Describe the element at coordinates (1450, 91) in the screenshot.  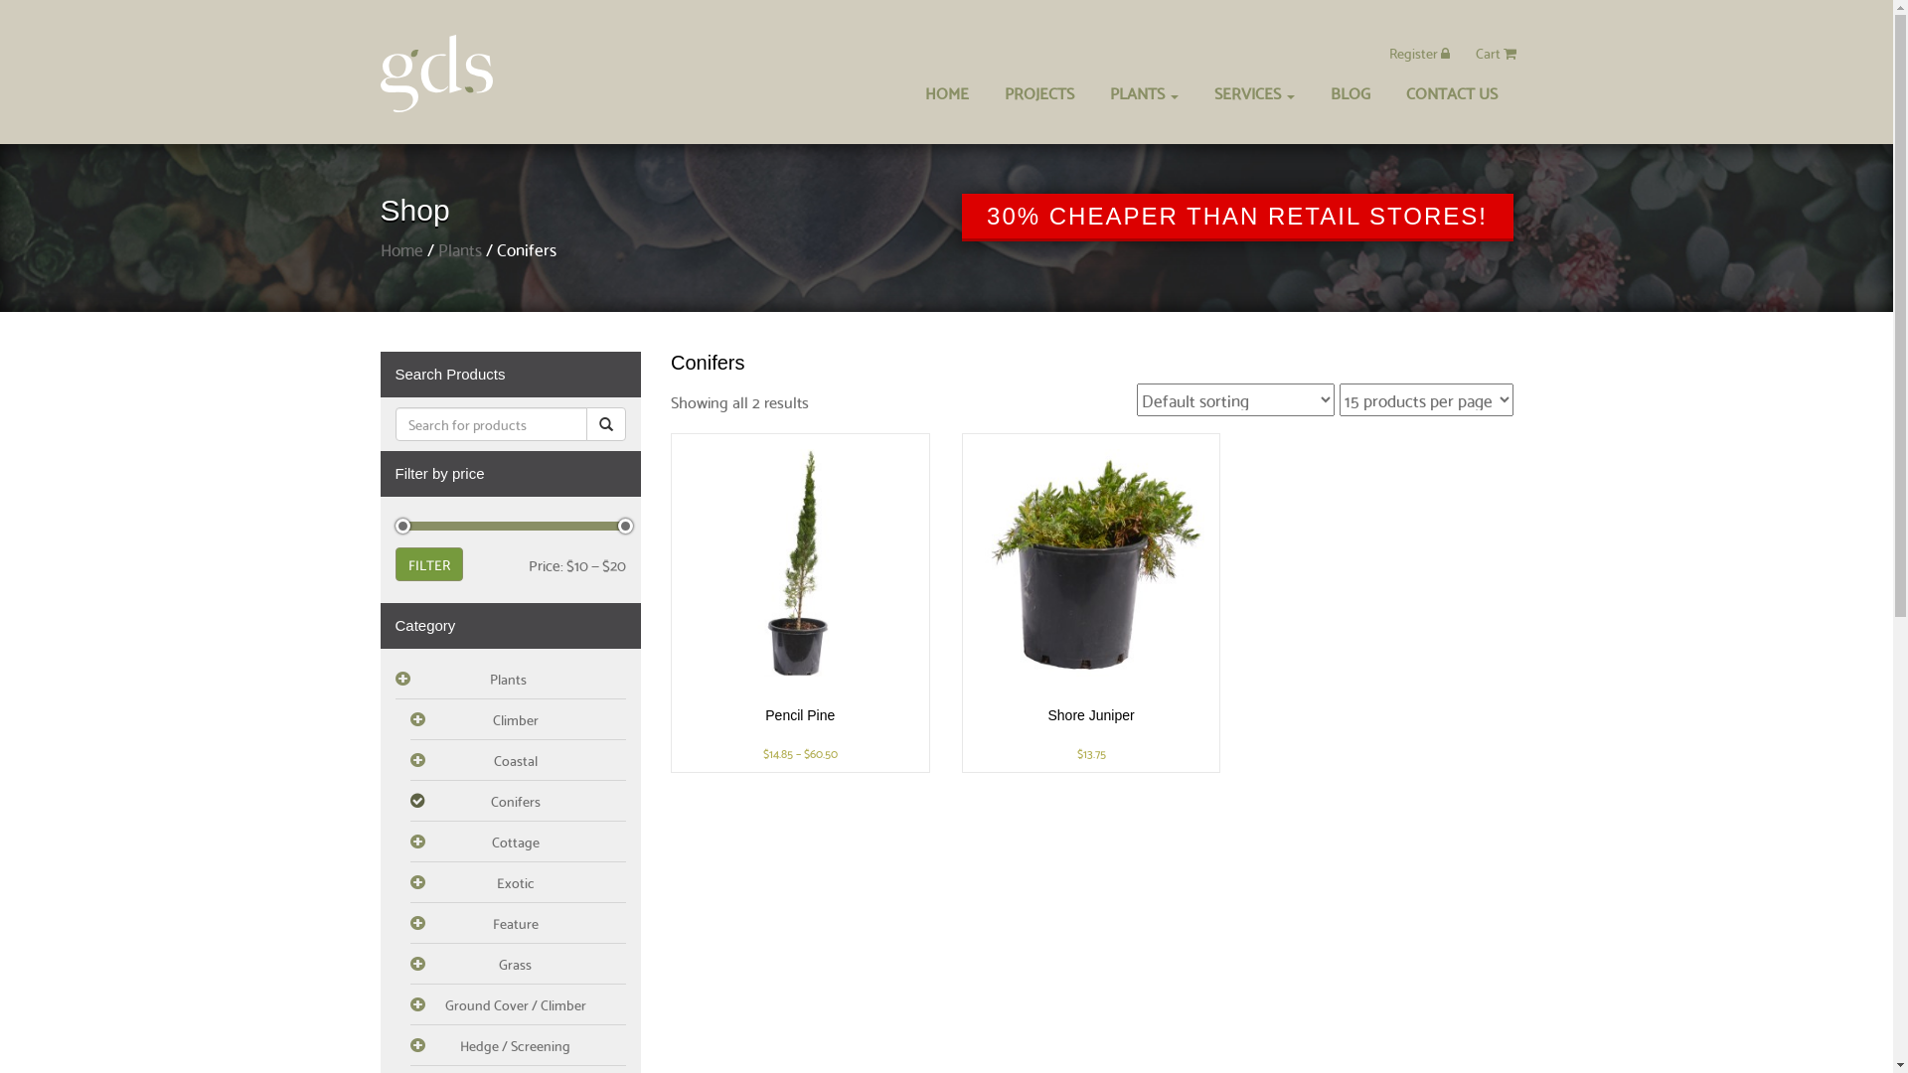
I see `'CONTACT US'` at that location.